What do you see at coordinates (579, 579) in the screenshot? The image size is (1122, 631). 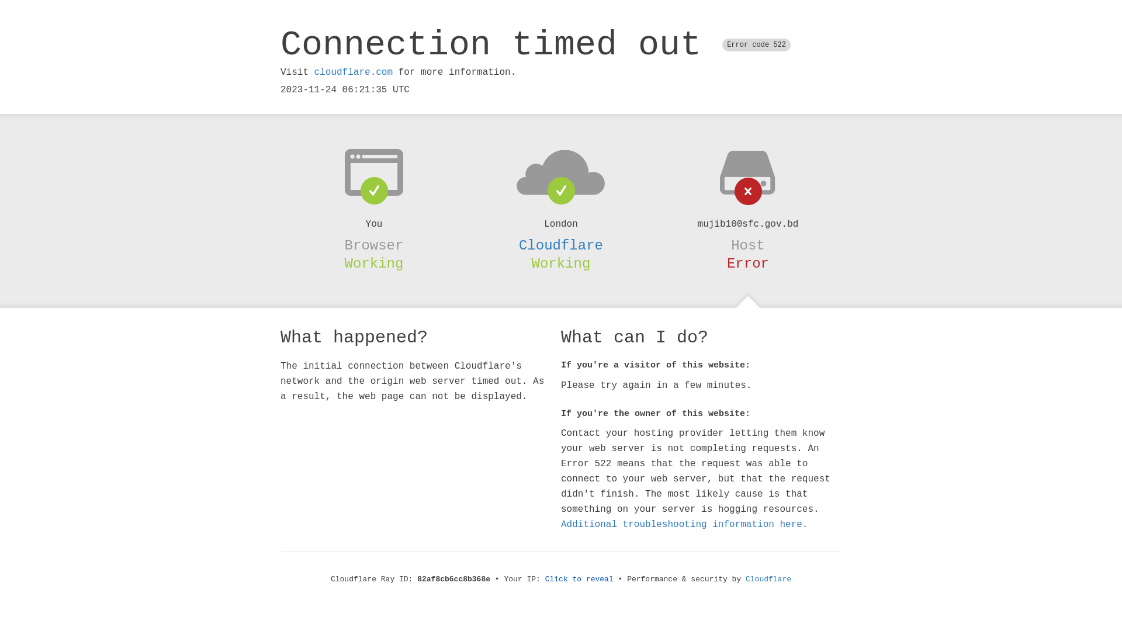 I see `'Click to reveal'` at bounding box center [579, 579].